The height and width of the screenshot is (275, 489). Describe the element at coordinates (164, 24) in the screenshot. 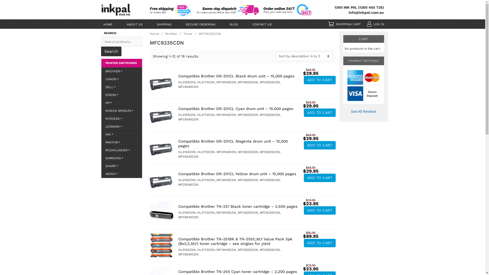

I see `'SHIPPING'` at that location.